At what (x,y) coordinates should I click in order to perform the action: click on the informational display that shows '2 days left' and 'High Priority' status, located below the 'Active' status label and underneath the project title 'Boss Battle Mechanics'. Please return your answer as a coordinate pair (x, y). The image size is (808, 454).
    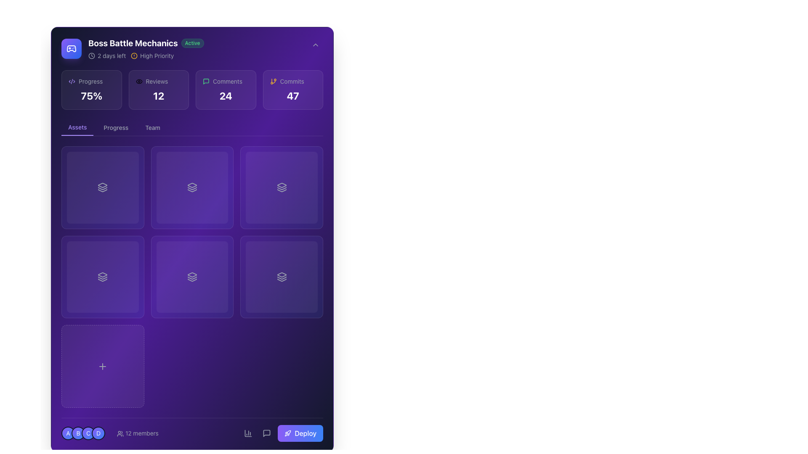
    Looking at the image, I should click on (146, 55).